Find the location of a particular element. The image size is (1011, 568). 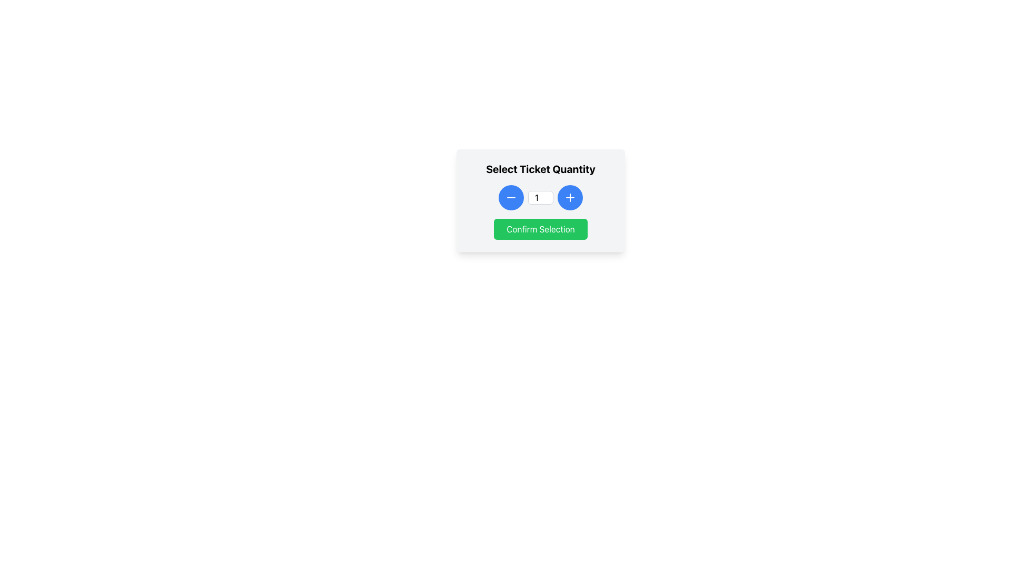

the increment button located on the right side of the ticket quantity selection panel is located at coordinates (570, 197).